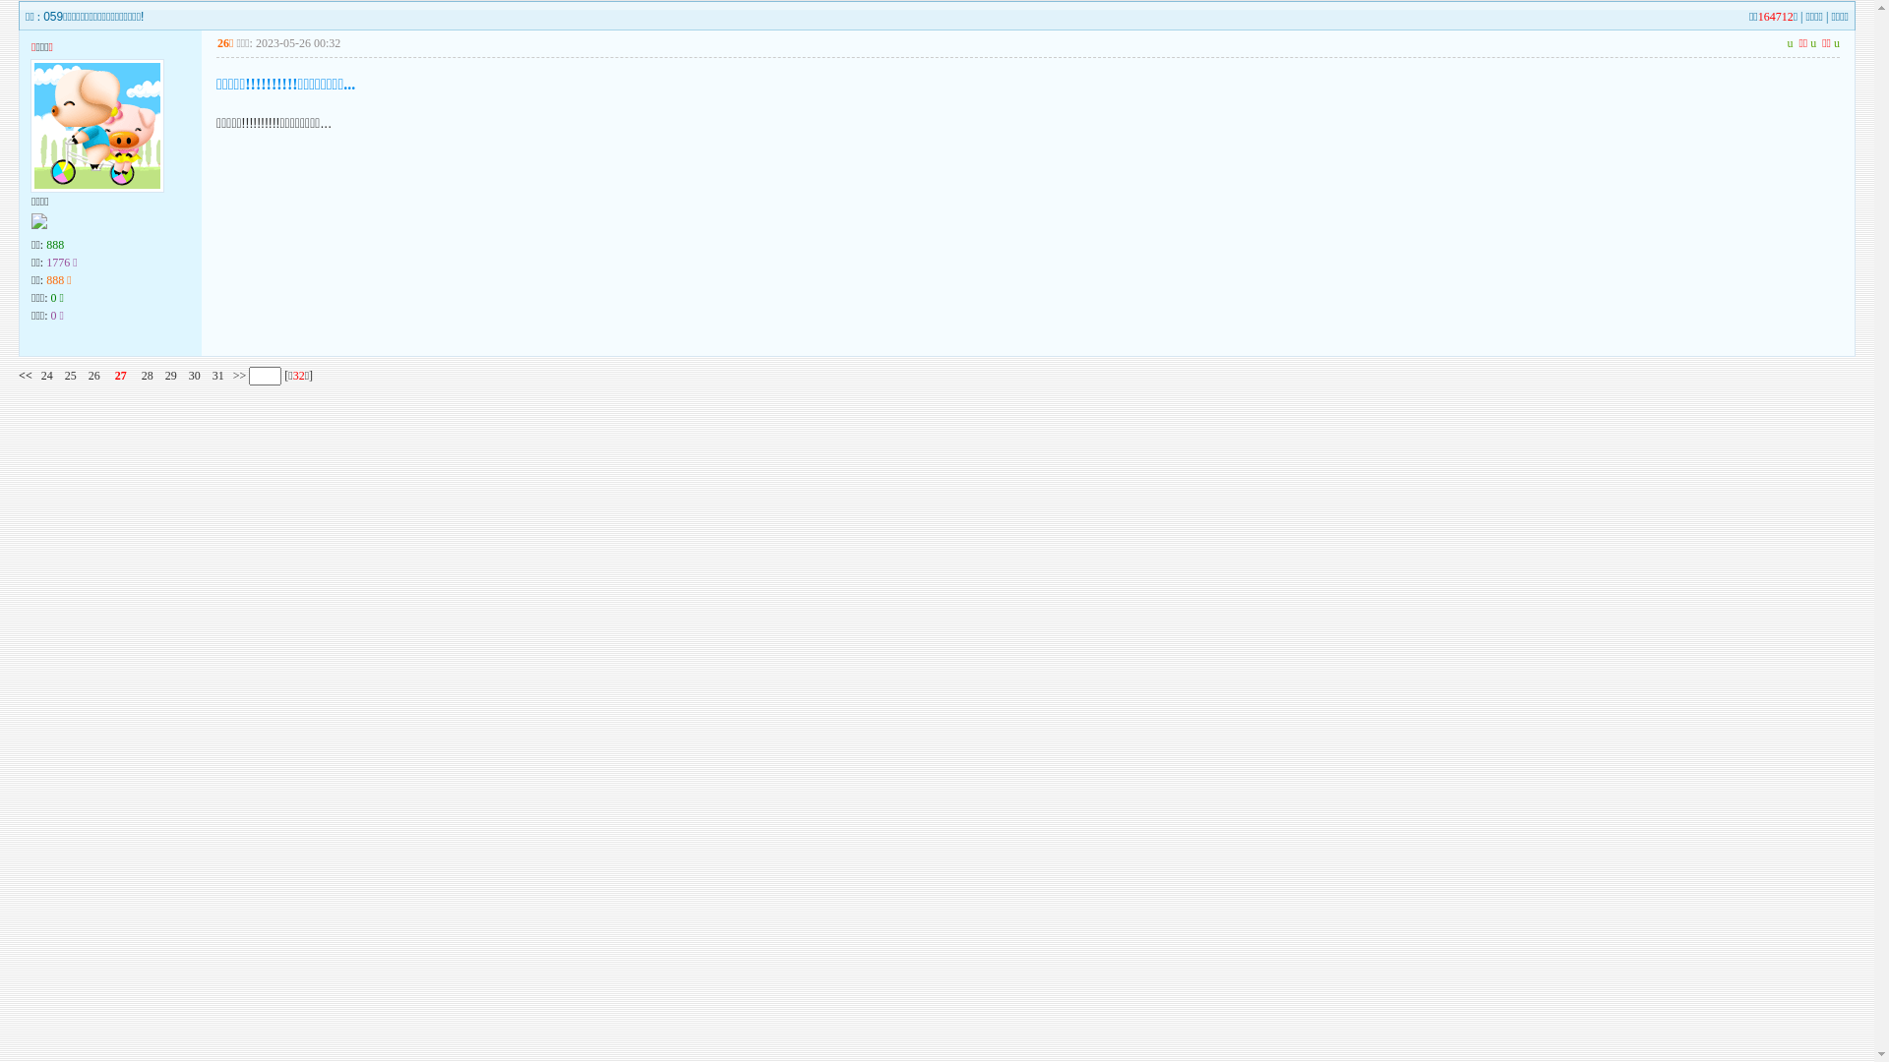 Image resolution: width=1889 pixels, height=1062 pixels. I want to click on '28', so click(146, 375).